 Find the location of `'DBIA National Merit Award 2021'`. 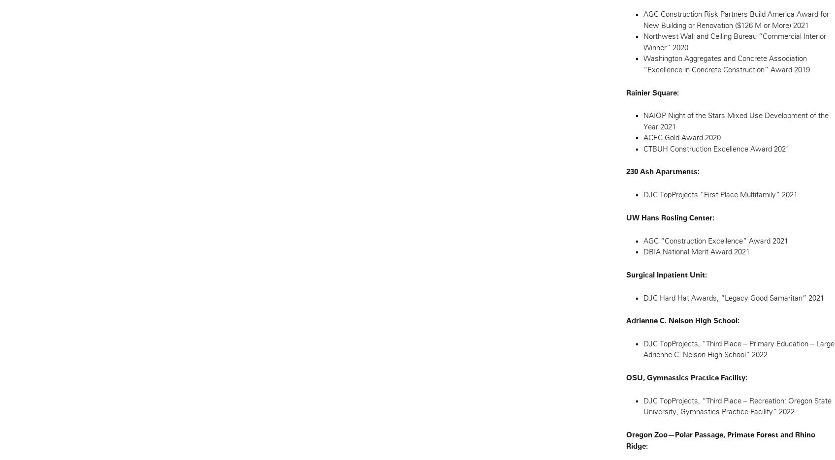

'DBIA National Merit Award 2021' is located at coordinates (695, 251).